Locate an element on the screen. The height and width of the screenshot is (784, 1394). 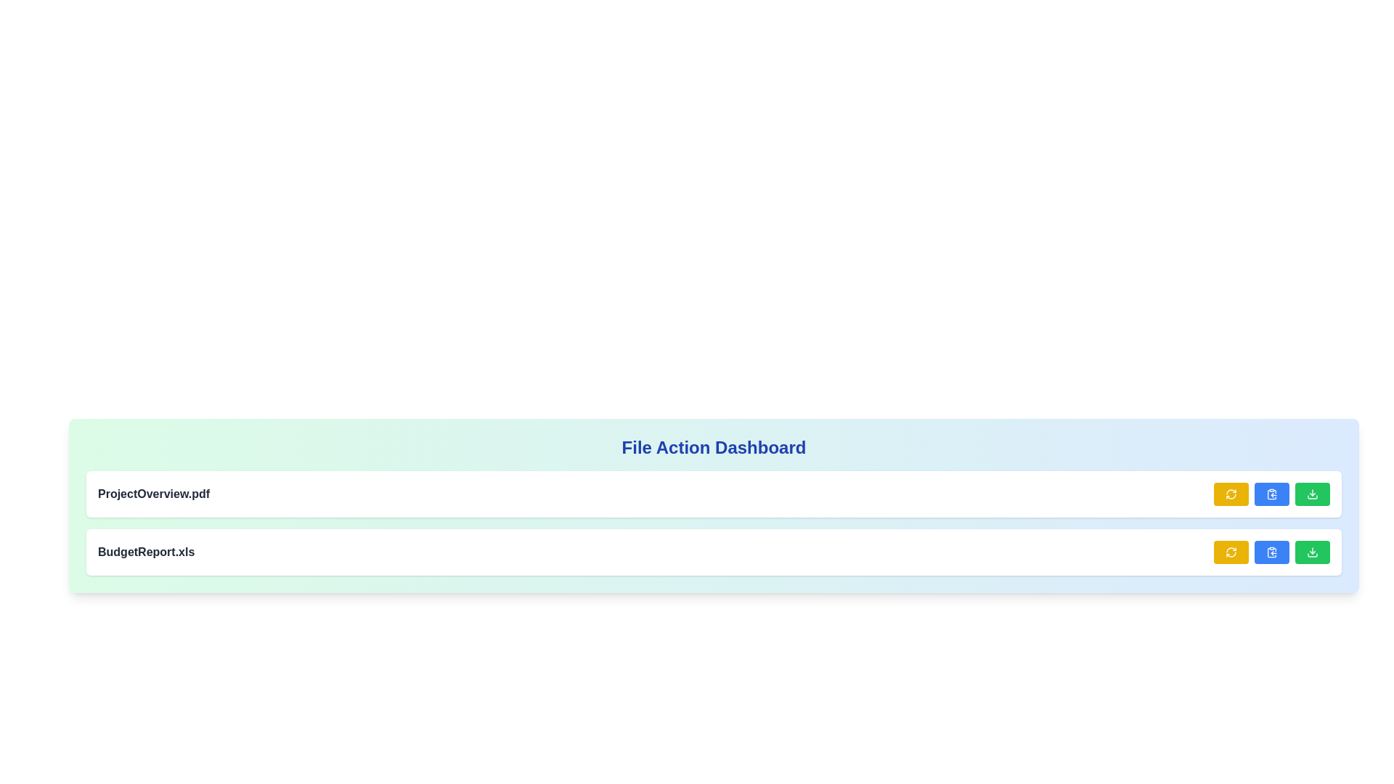
the square button with a blue background and clipboard icon located to the right of the 'ProjectOverview.pdf' file row is located at coordinates (1271, 494).